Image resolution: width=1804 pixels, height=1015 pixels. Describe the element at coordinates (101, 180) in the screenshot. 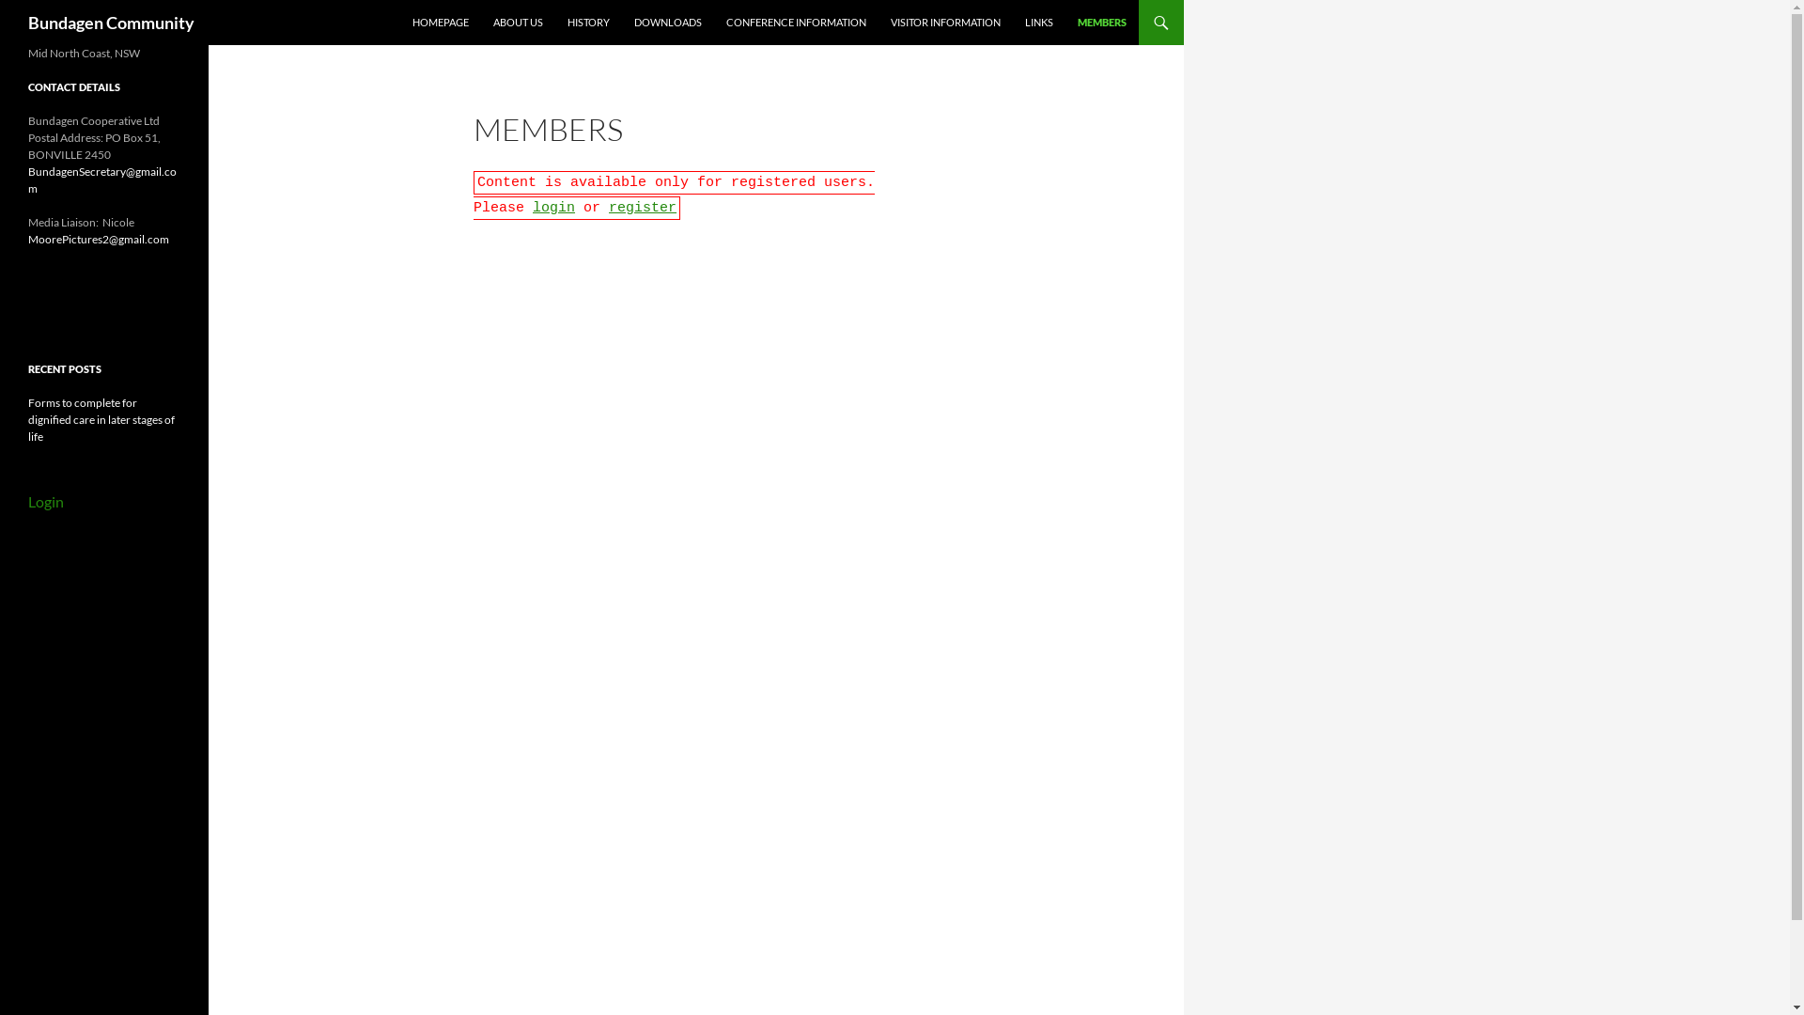

I see `'BundagenSecretary@gmail.com'` at that location.